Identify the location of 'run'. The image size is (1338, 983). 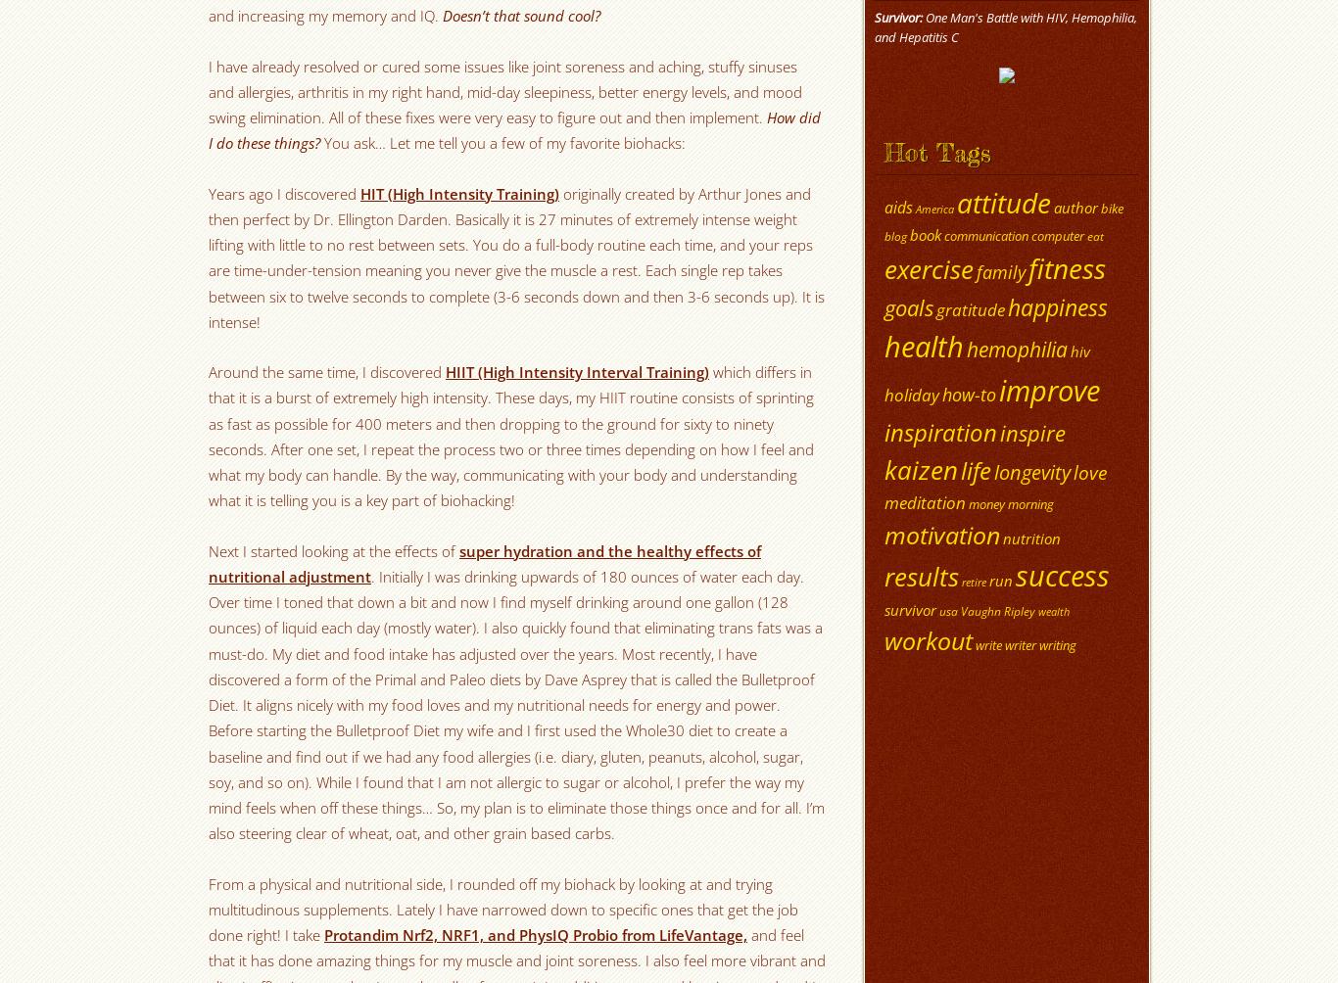
(989, 580).